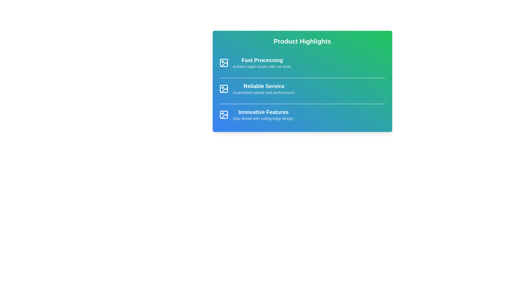 This screenshot has width=513, height=289. I want to click on text 'Fast Processing' displayed prominently as a heading in a bold font within the upper-left area of the feature list, so click(262, 60).